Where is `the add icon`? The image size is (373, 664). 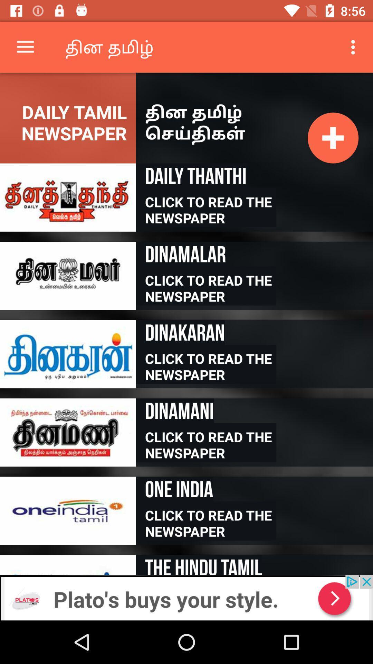 the add icon is located at coordinates (333, 138).